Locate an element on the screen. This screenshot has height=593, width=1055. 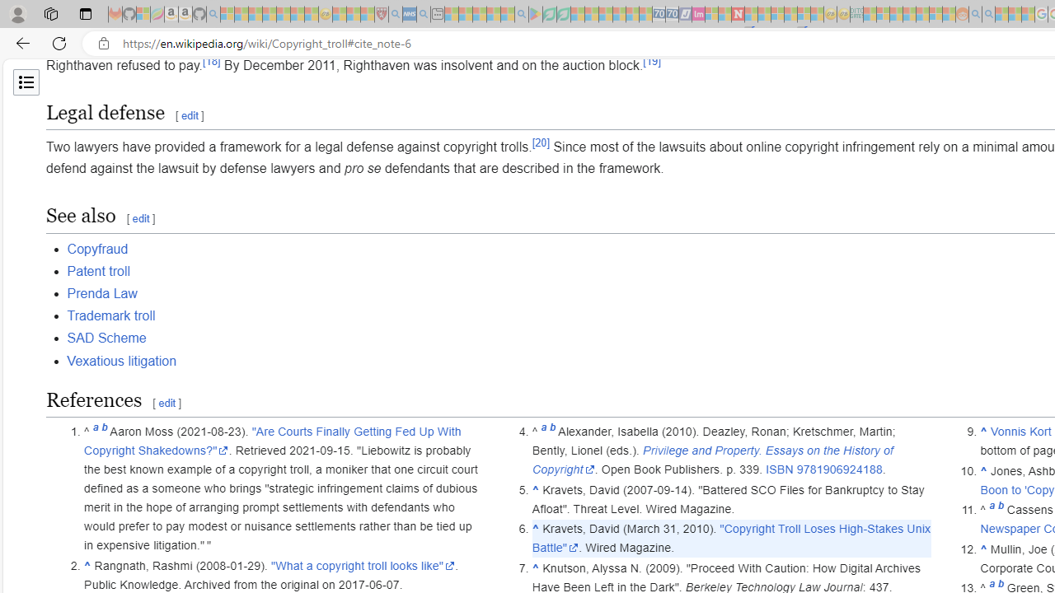
'ISBN' is located at coordinates (778, 469).